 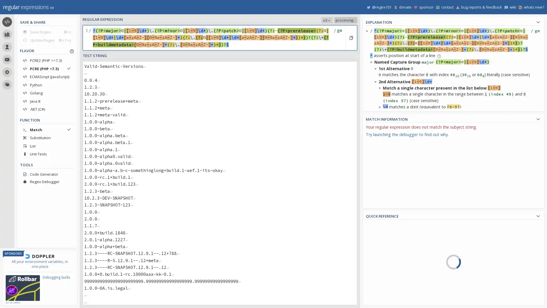 I want to click on Match 1, so click(x=381, y=131).